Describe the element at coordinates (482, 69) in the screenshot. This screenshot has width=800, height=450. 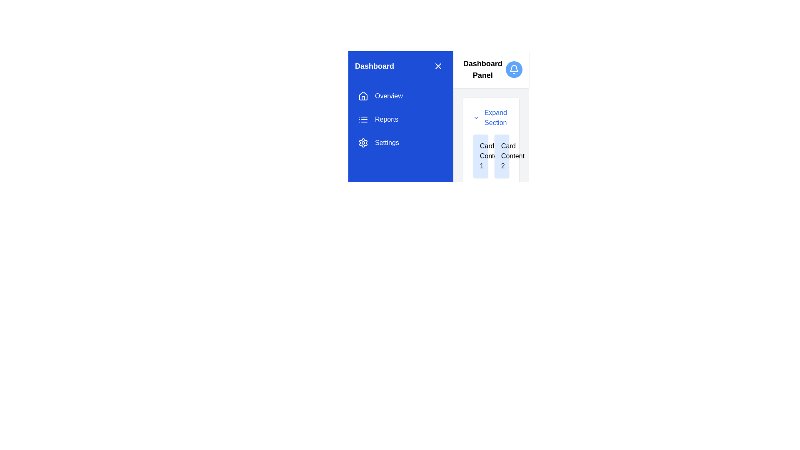
I see `text label located in the top-right corner of the dashboard area, which serves as a title or identifier for the current section` at that location.